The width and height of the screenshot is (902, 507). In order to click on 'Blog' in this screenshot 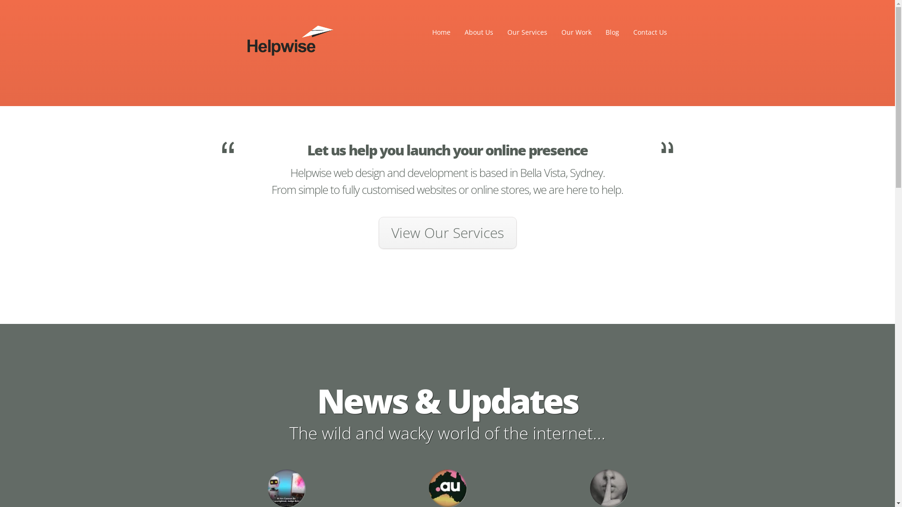, I will do `click(612, 32)`.